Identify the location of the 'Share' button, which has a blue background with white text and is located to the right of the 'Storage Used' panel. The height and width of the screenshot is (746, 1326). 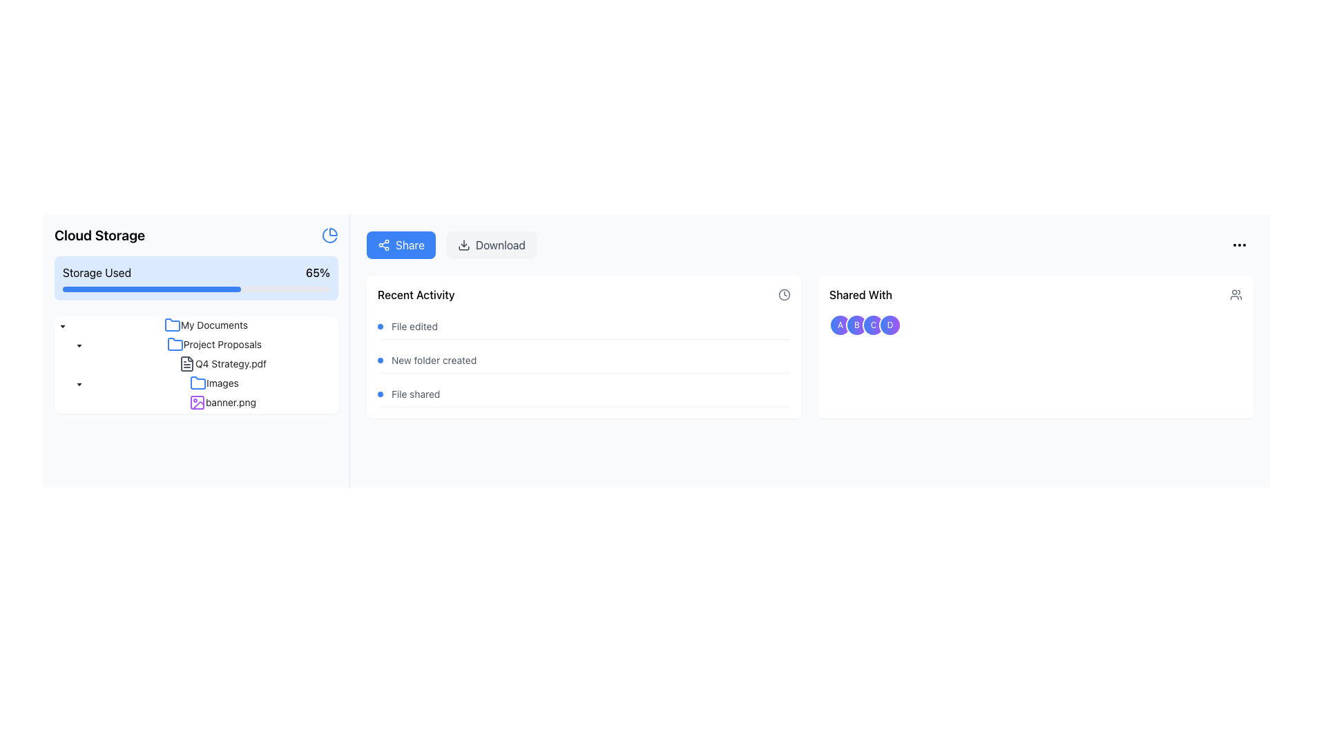
(400, 244).